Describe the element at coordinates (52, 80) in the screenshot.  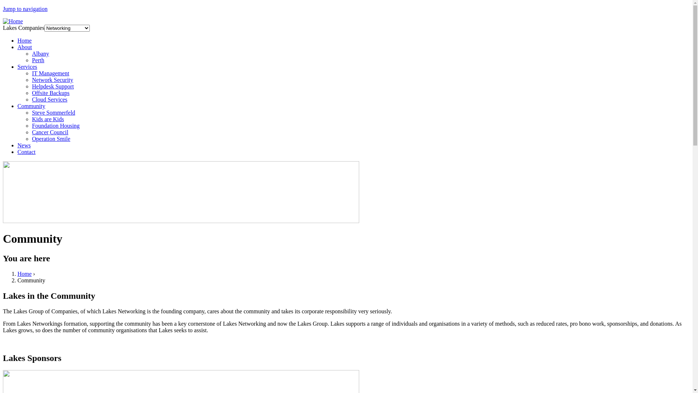
I see `'Network Security'` at that location.